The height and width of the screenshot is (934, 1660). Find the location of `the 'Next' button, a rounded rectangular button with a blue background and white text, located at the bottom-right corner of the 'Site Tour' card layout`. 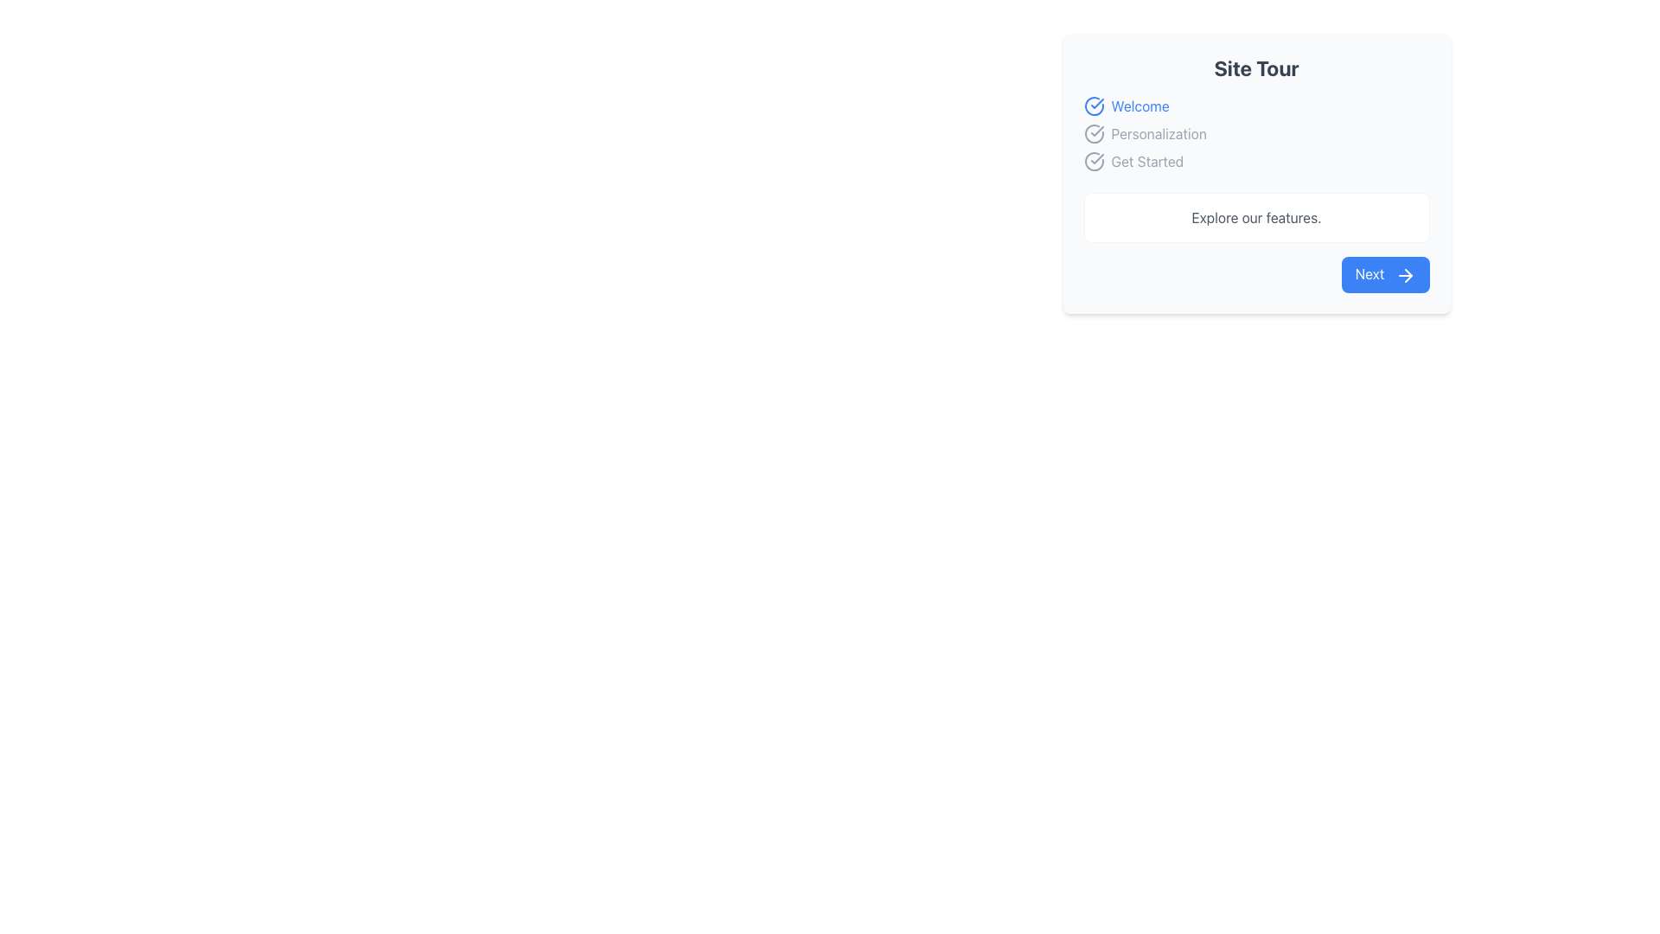

the 'Next' button, a rounded rectangular button with a blue background and white text, located at the bottom-right corner of the 'Site Tour' card layout is located at coordinates (1385, 273).